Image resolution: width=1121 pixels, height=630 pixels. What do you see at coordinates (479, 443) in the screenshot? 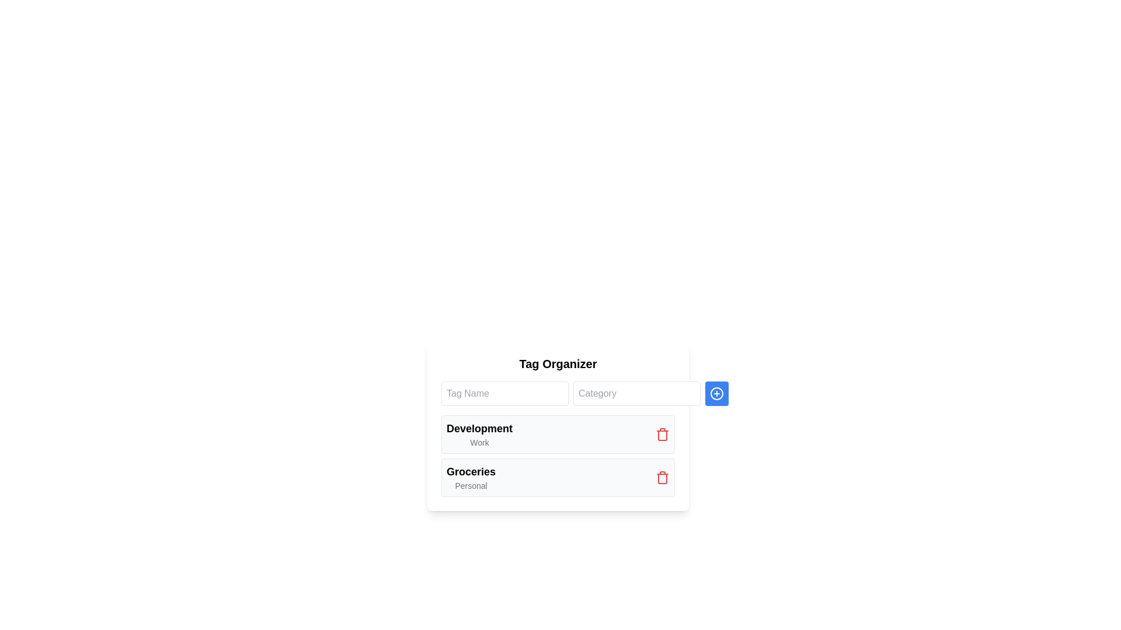
I see `the label that serves as a descriptor or category tag associated with the 'Development' header, positioned at the bottom of the list item beneath it` at bounding box center [479, 443].